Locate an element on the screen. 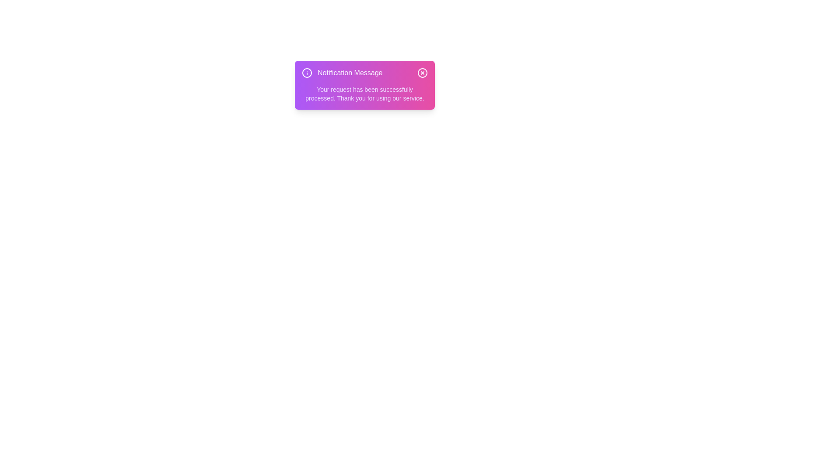 The image size is (840, 472). the circular graphical icon located in the top-right corner of the notification card, which features a thin stroked outline and accompanies a cross symbol inside the circle is located at coordinates (422, 72).